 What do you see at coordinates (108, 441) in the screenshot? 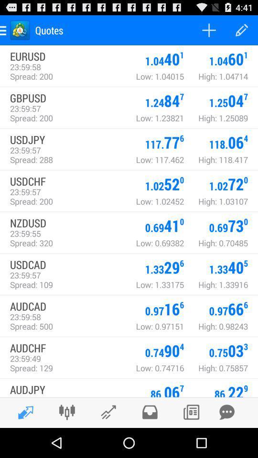
I see `the edit icon` at bounding box center [108, 441].